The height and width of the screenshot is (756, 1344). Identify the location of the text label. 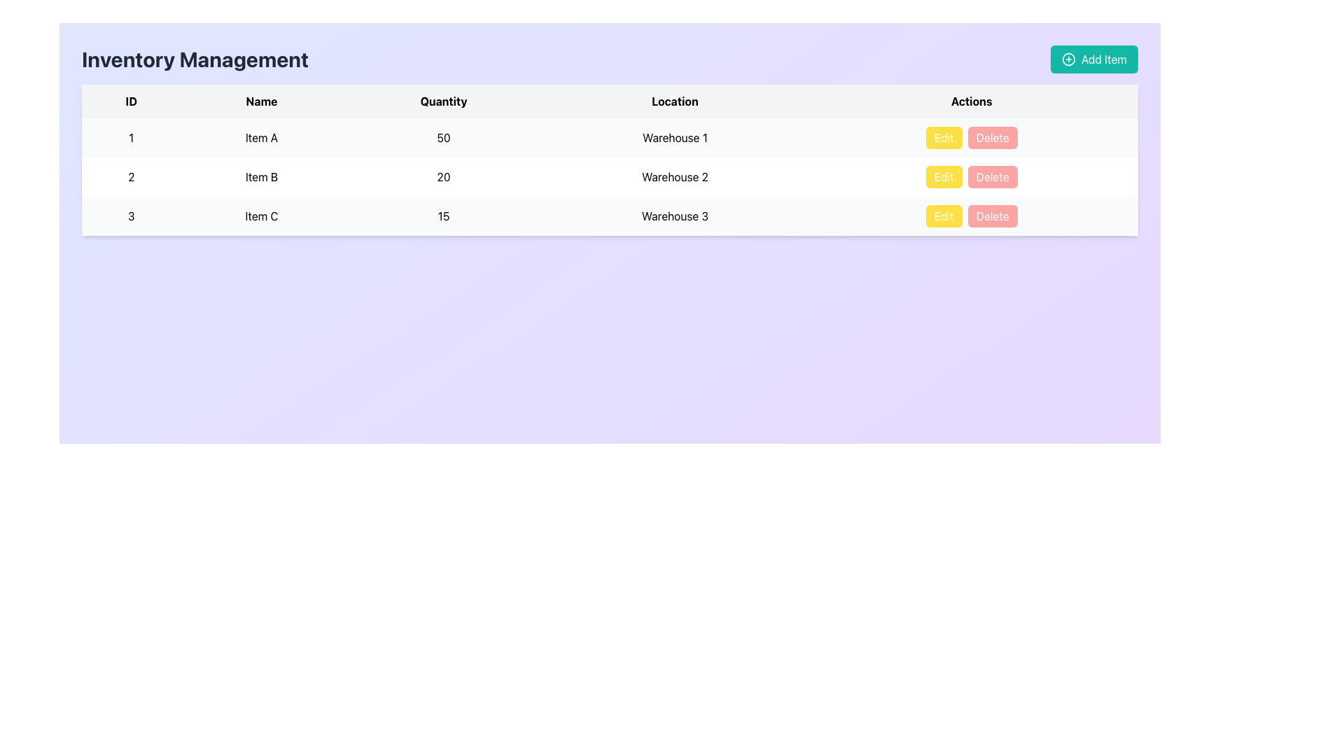
(131, 137).